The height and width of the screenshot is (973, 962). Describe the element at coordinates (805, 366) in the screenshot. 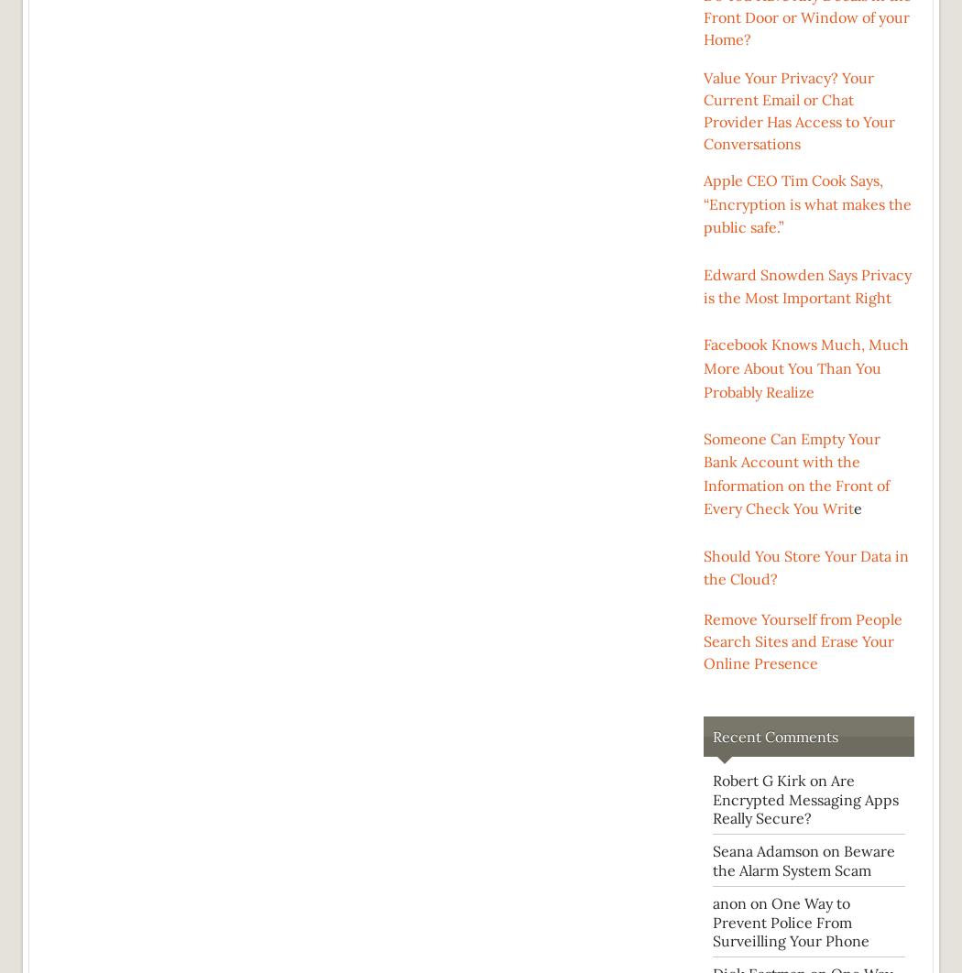

I see `'Facebook
      Knows Much, Much More About You Than You Probably Realize'` at that location.